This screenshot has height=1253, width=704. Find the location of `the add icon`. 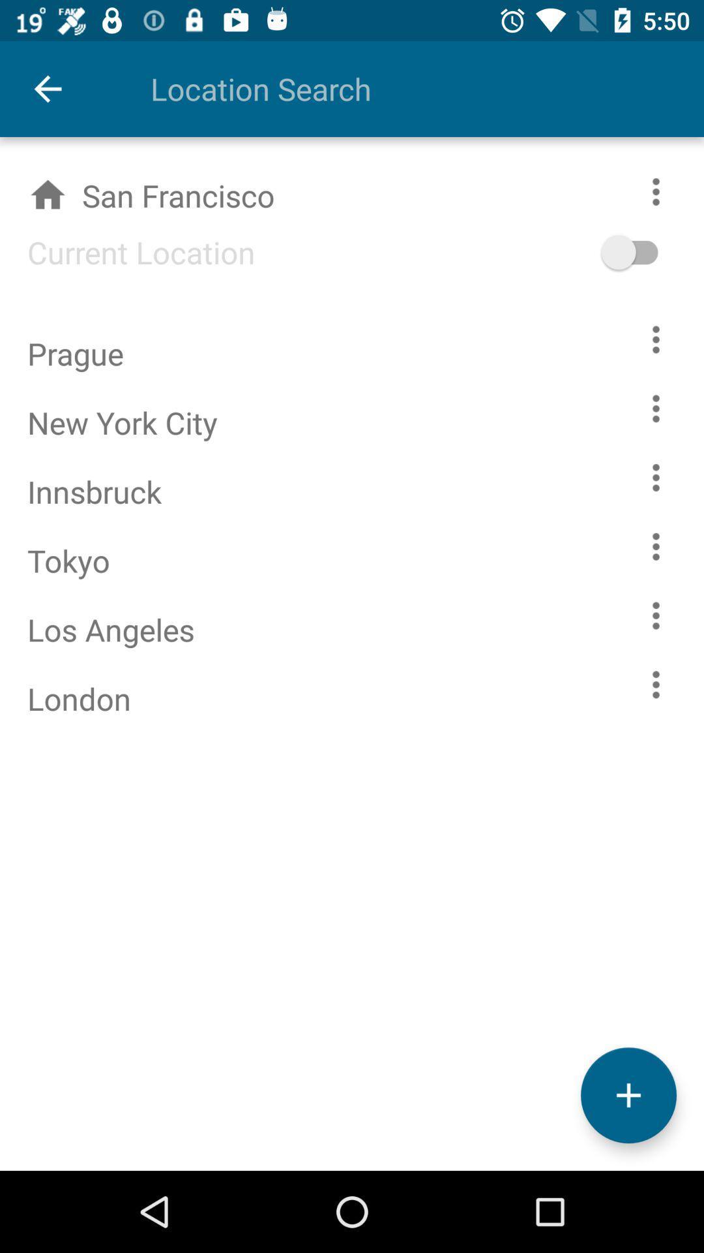

the add icon is located at coordinates (628, 1095).